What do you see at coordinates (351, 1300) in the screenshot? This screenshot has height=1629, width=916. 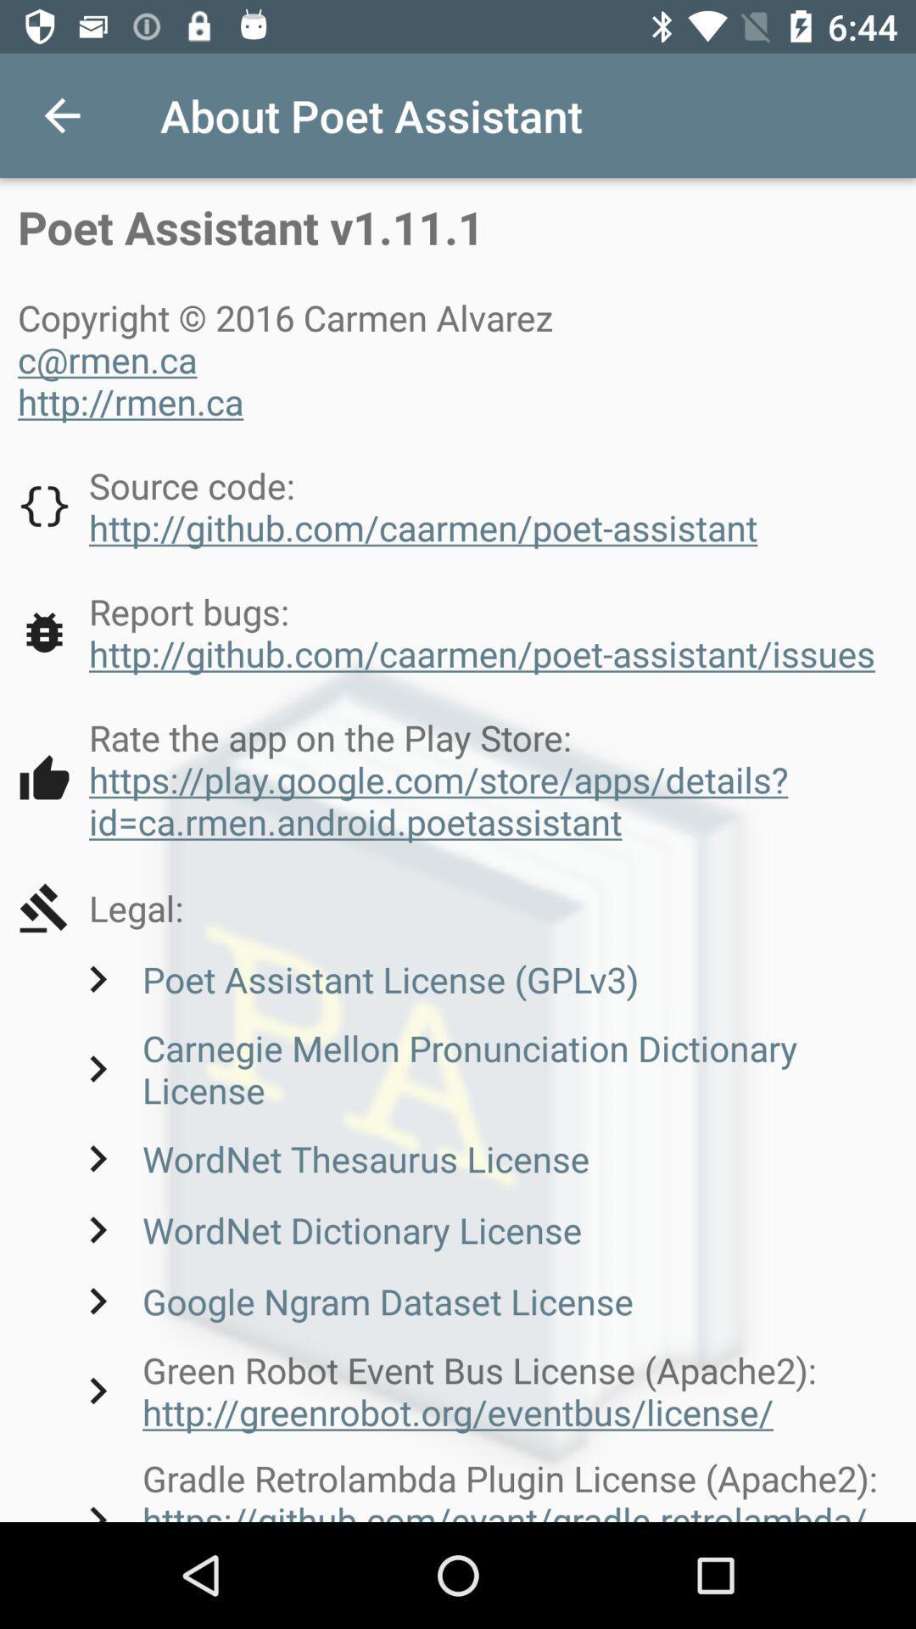 I see `the item above the green robot event item` at bounding box center [351, 1300].